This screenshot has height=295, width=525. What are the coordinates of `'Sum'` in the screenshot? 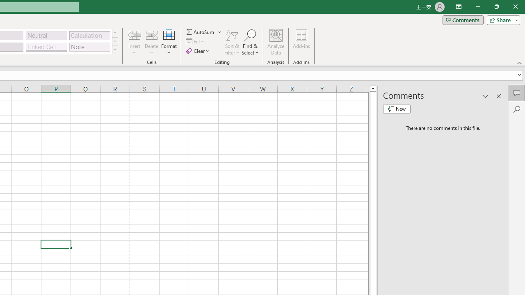 It's located at (201, 32).